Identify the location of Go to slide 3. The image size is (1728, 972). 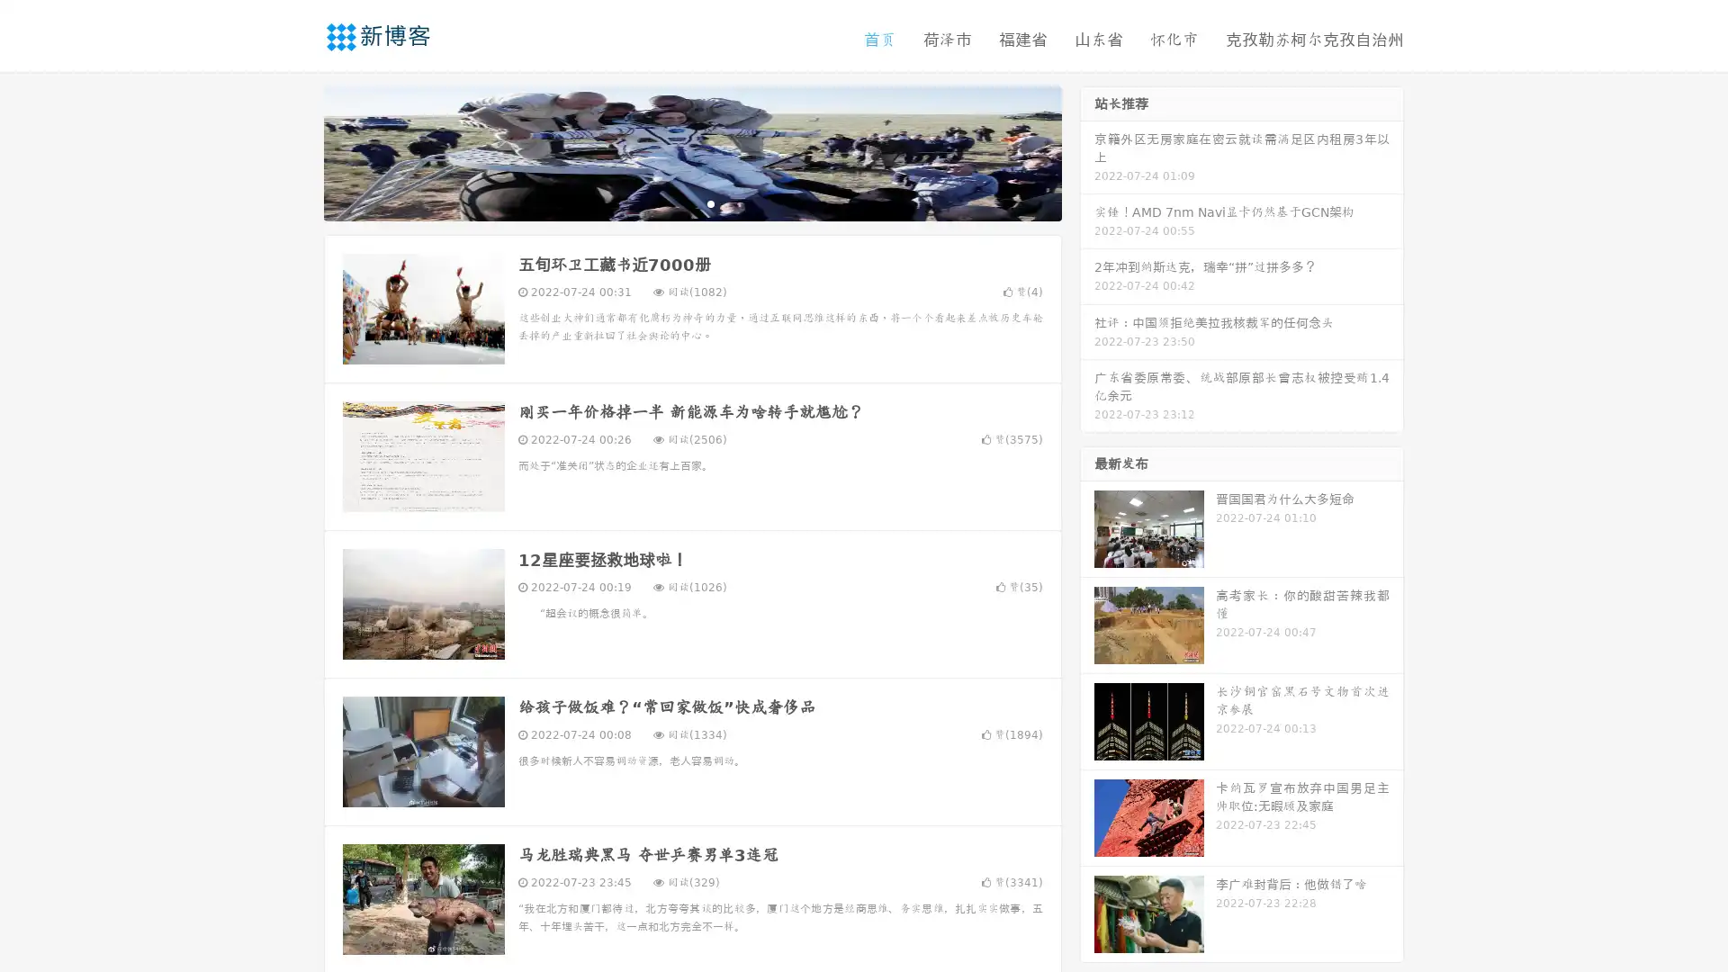
(710, 202).